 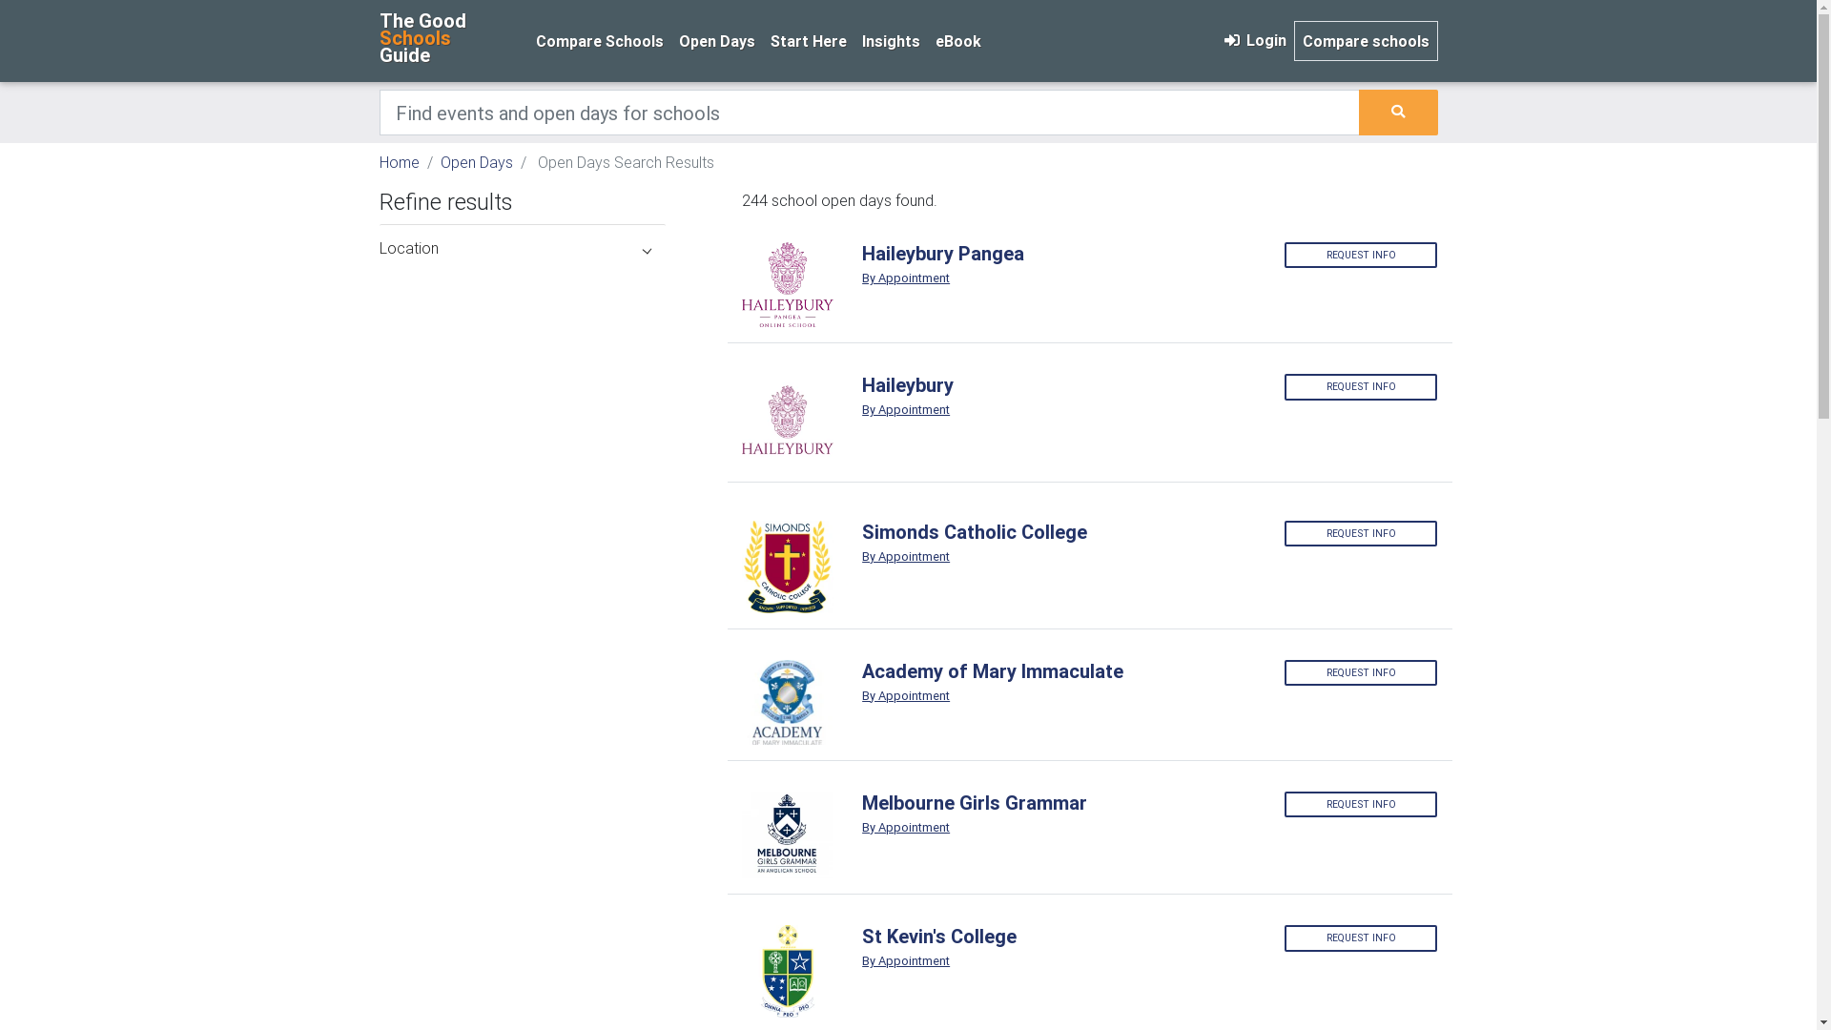 What do you see at coordinates (926, 40) in the screenshot?
I see `'eBook'` at bounding box center [926, 40].